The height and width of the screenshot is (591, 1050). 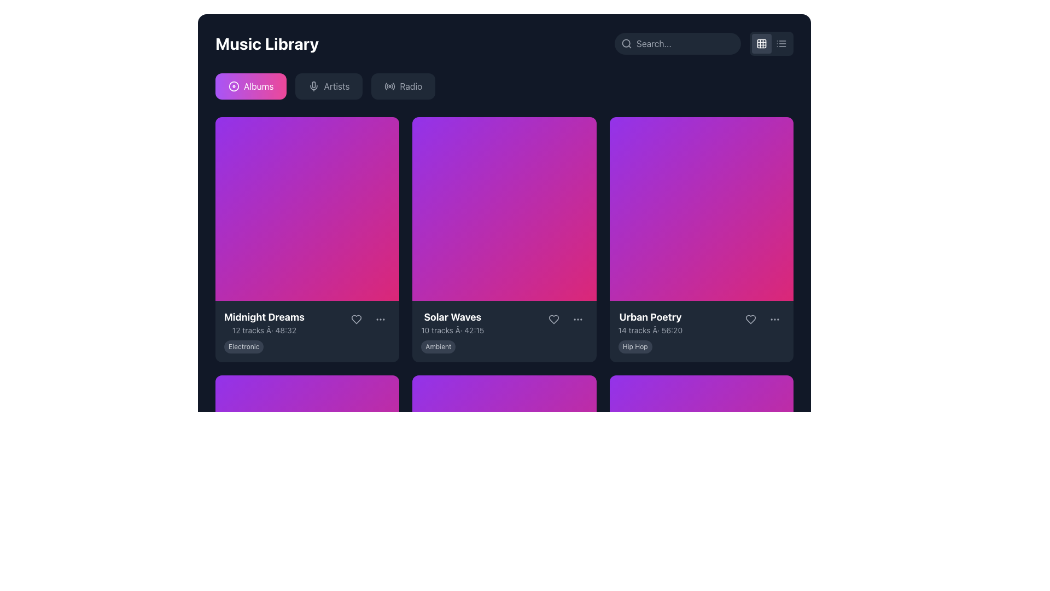 I want to click on the favorite button for the 'Urban Poetry' album, so click(x=750, y=319).